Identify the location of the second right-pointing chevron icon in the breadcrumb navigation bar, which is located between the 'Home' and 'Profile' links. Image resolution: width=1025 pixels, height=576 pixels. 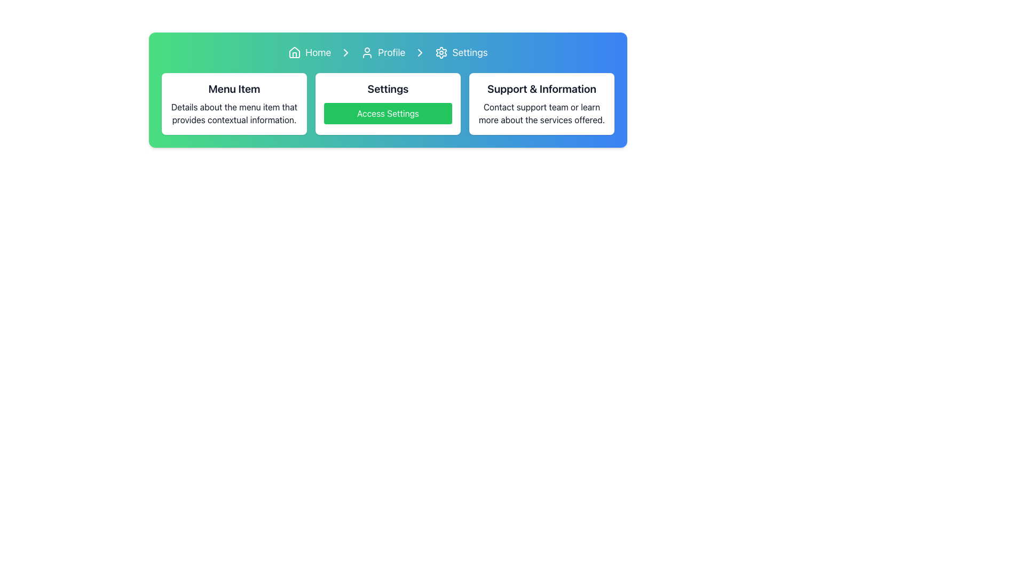
(346, 53).